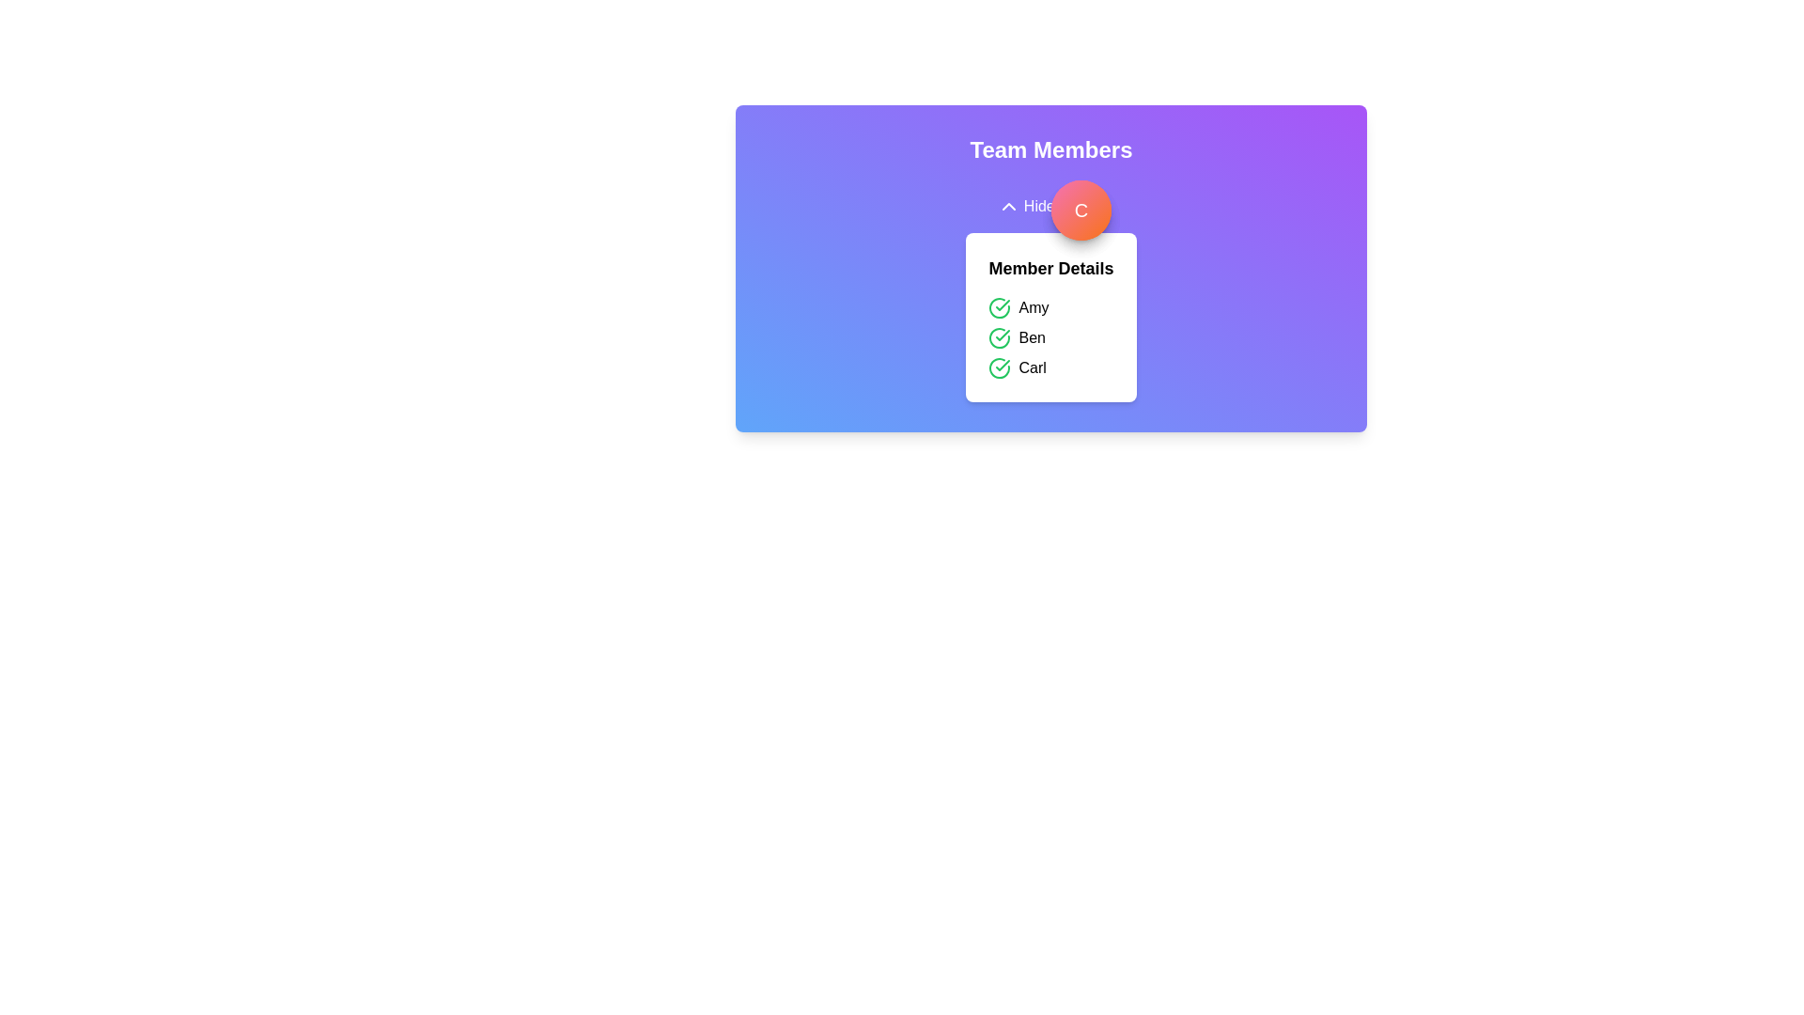  What do you see at coordinates (1007, 206) in the screenshot?
I see `the upward-facing chevron icon located to the left of the 'Hide Details' text` at bounding box center [1007, 206].